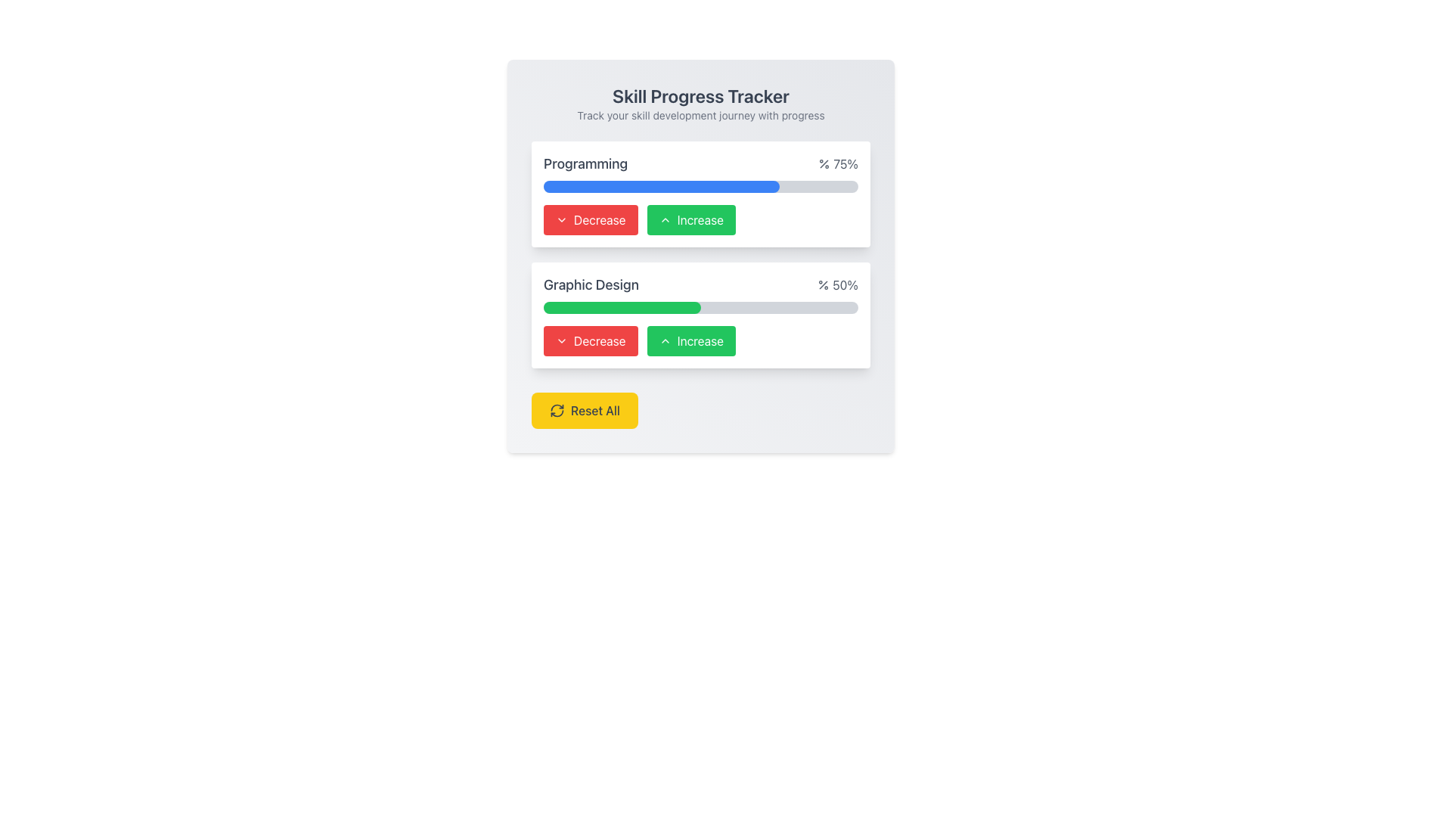 The height and width of the screenshot is (817, 1452). What do you see at coordinates (824, 163) in the screenshot?
I see `the icon that visually complements the text percentage '75%' in the 'Programming' skill row, positioned to the left of the numerical value` at bounding box center [824, 163].